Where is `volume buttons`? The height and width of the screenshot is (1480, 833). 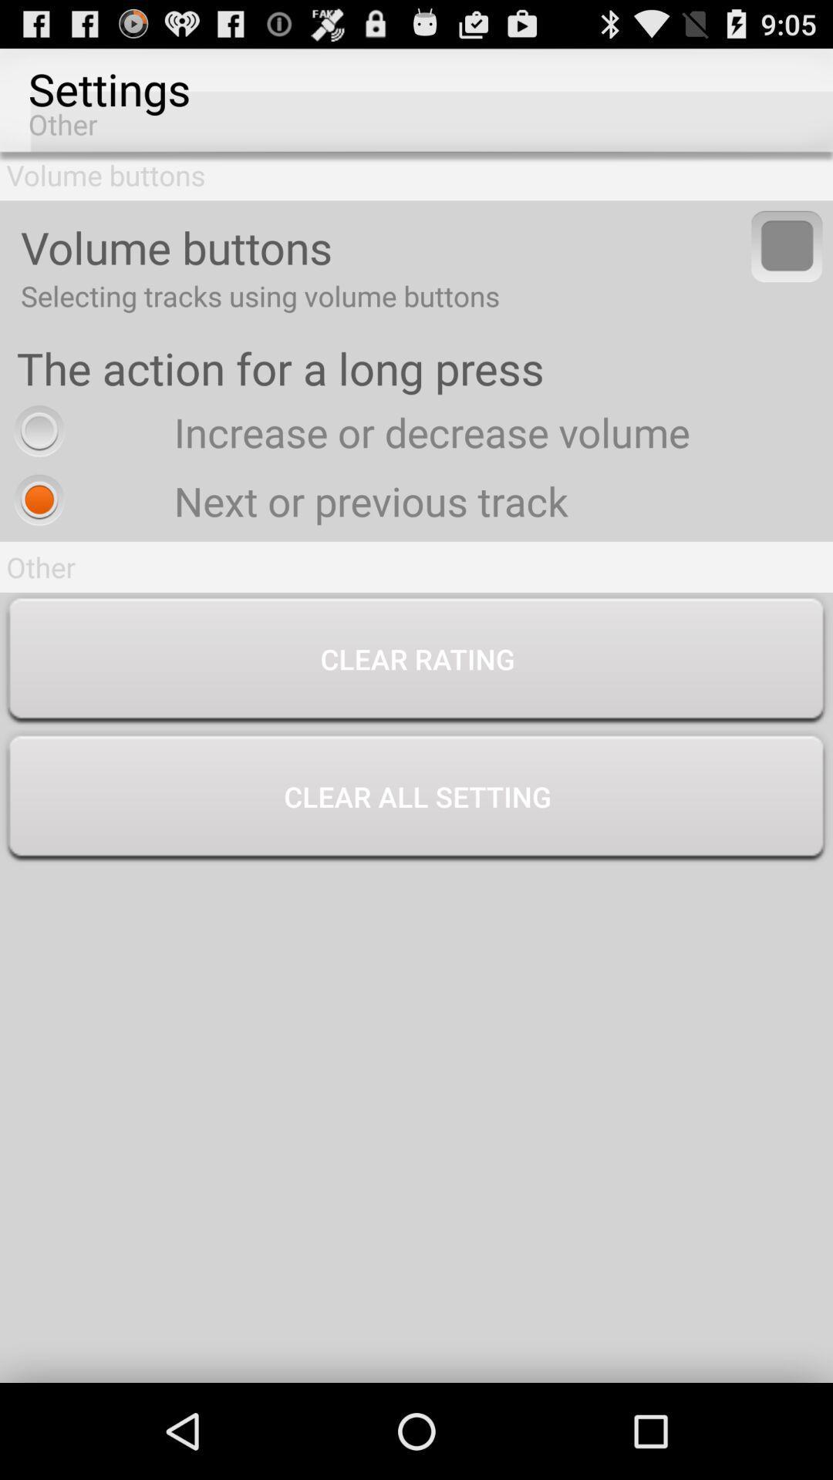 volume buttons is located at coordinates (787, 245).